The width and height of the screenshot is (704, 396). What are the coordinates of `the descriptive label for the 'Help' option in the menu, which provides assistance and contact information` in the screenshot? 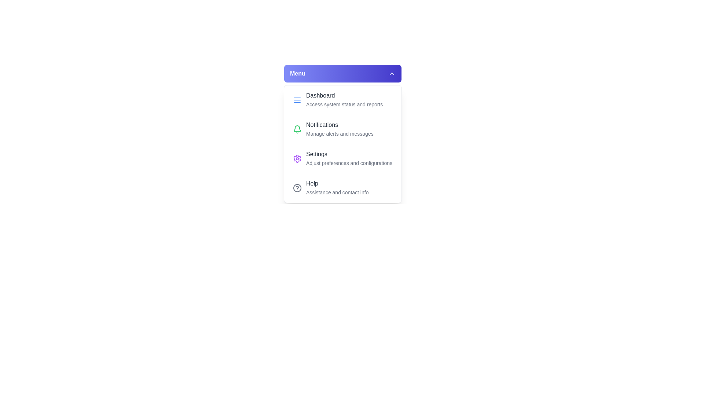 It's located at (337, 192).